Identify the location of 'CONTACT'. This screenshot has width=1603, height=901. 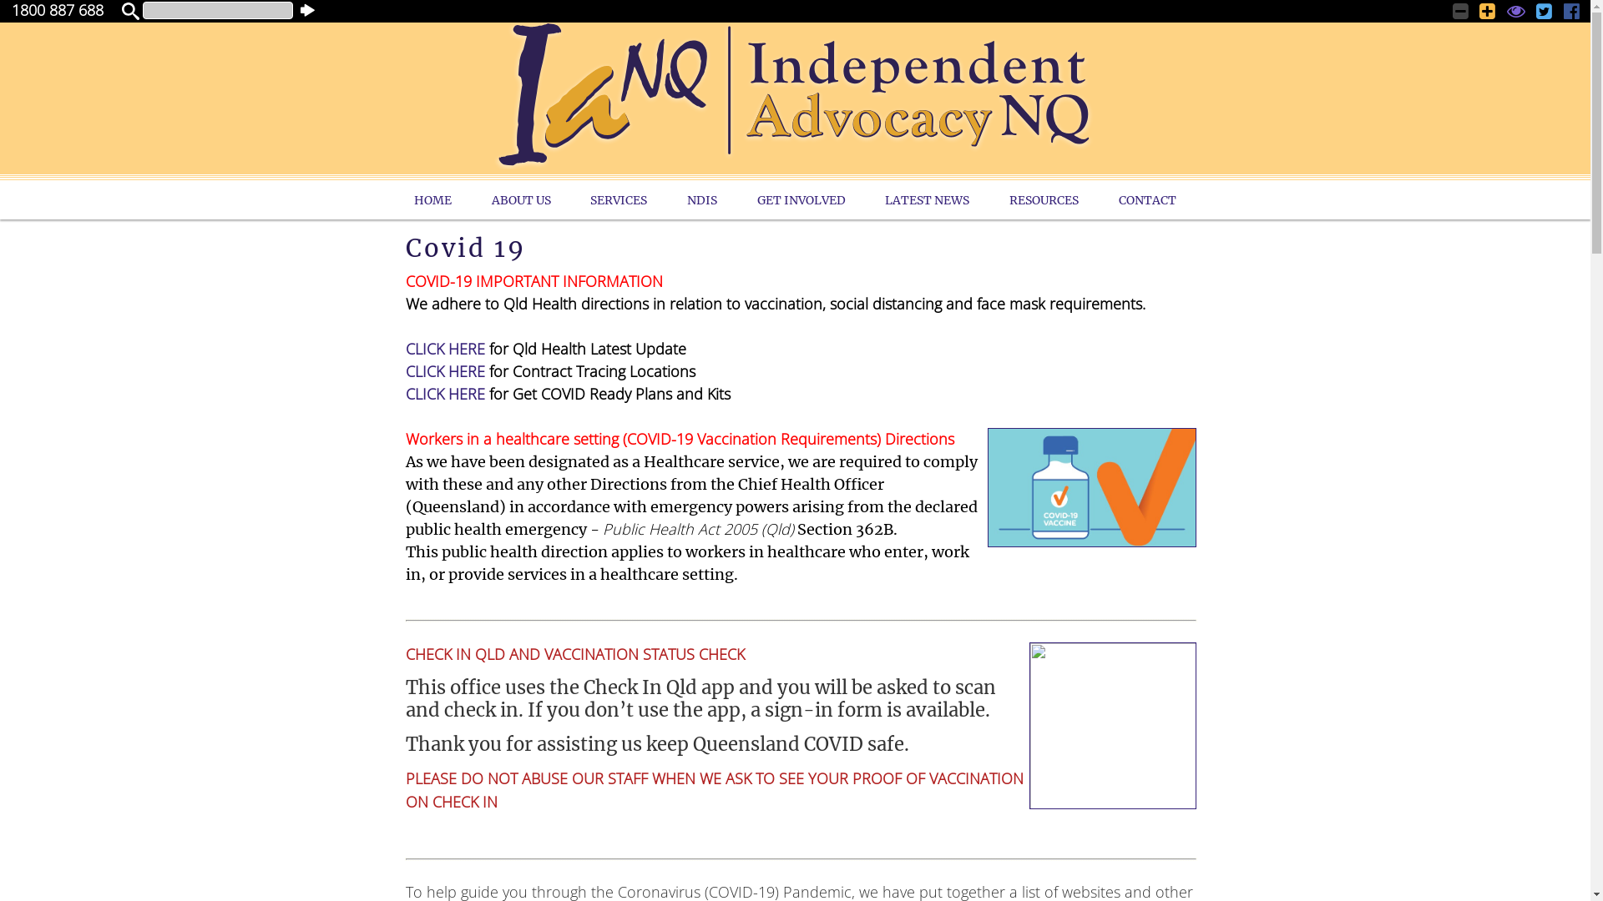
(1146, 199).